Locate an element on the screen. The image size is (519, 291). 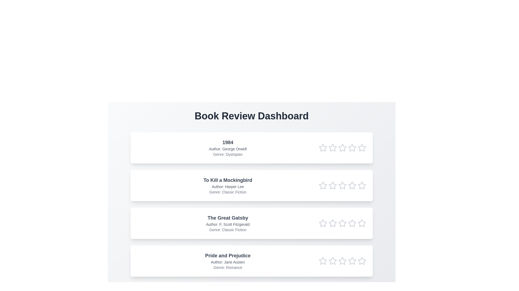
the star corresponding to 5 in the rating row of the book titled Pride and Prejudice is located at coordinates (362, 261).